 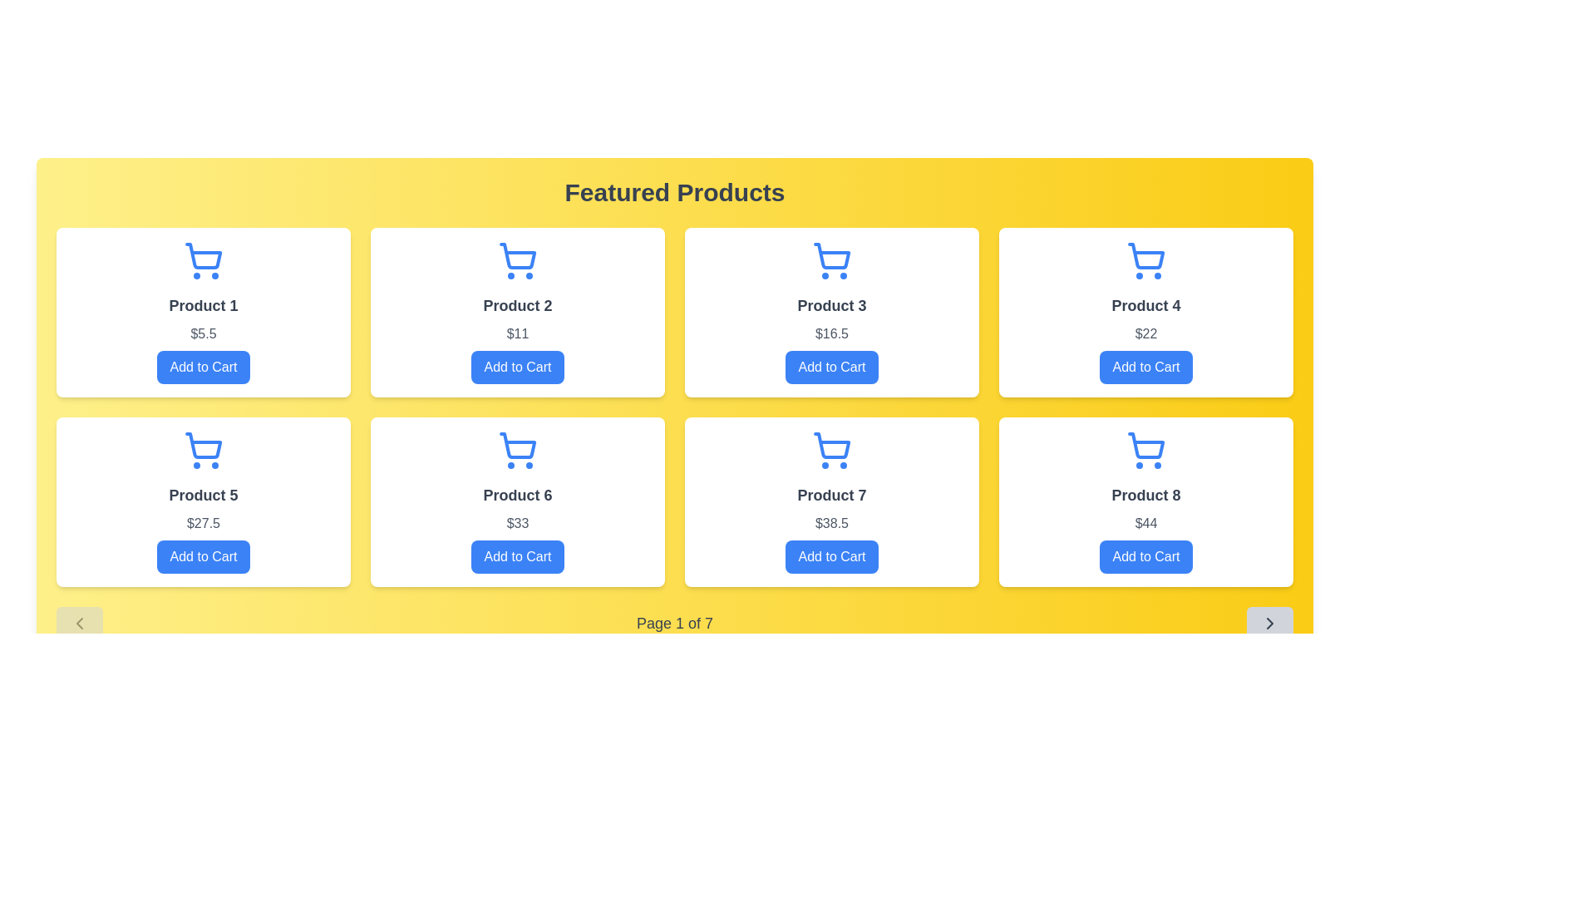 What do you see at coordinates (79, 623) in the screenshot?
I see `the navigation button located at the bottom-left corner of the element group containing the text 'Page 1 of 7'` at bounding box center [79, 623].